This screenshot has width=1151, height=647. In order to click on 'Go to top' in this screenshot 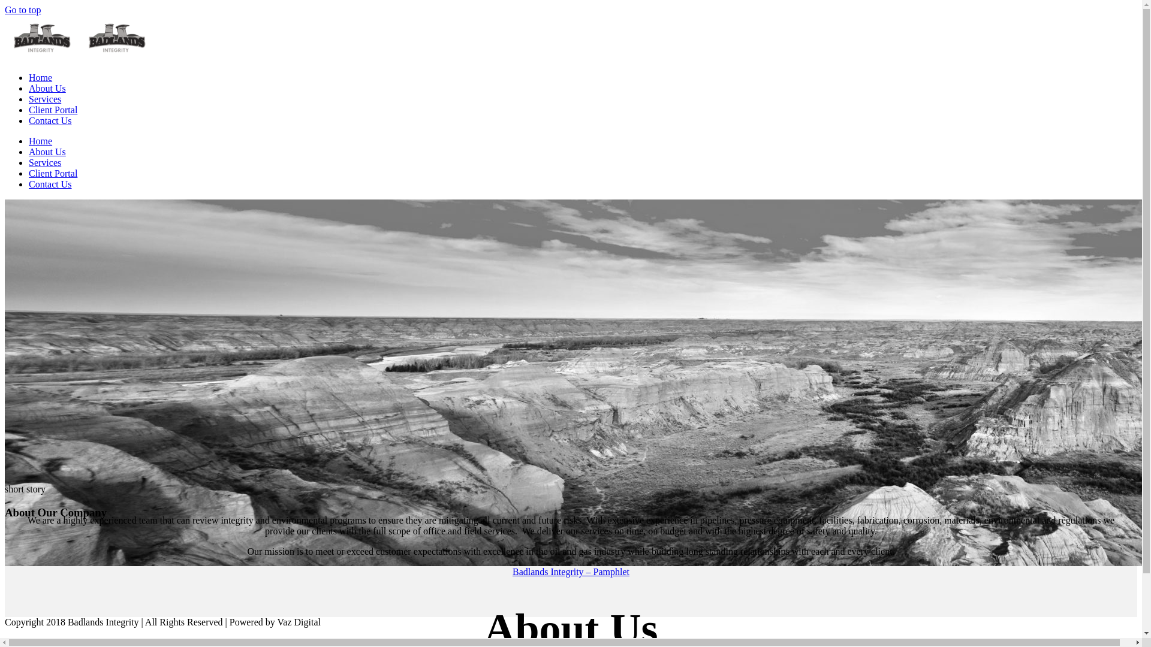, I will do `click(23, 10)`.